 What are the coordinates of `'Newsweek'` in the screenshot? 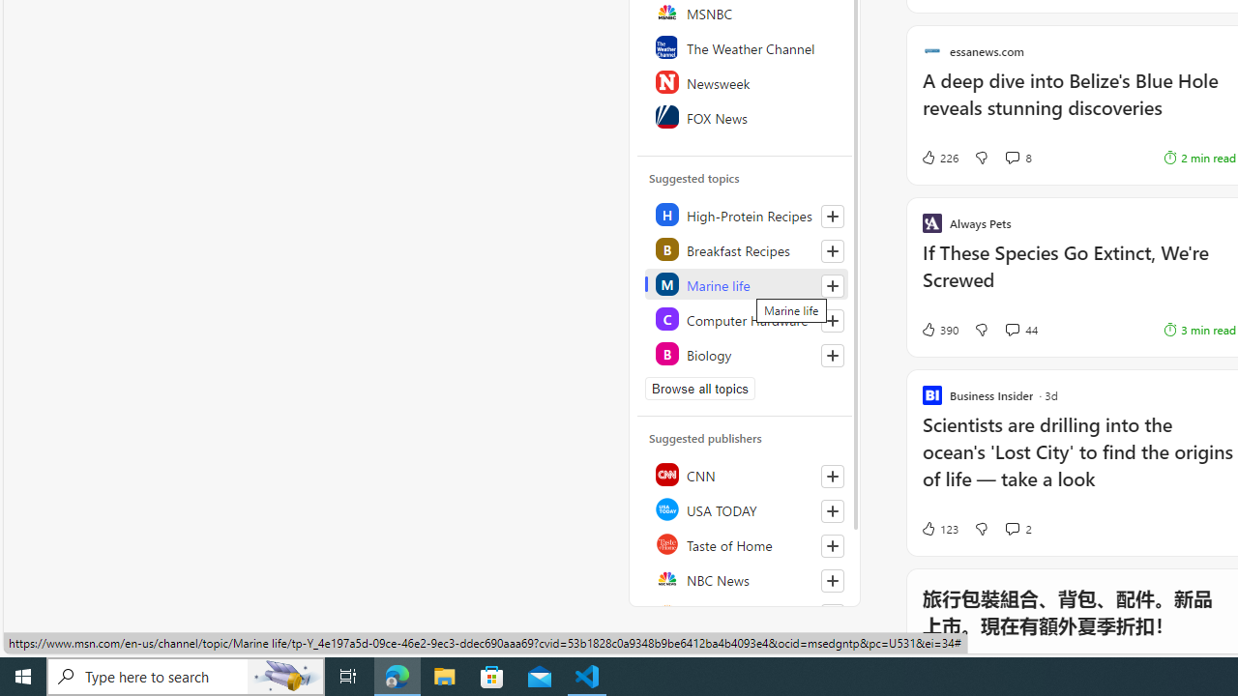 It's located at (745, 80).